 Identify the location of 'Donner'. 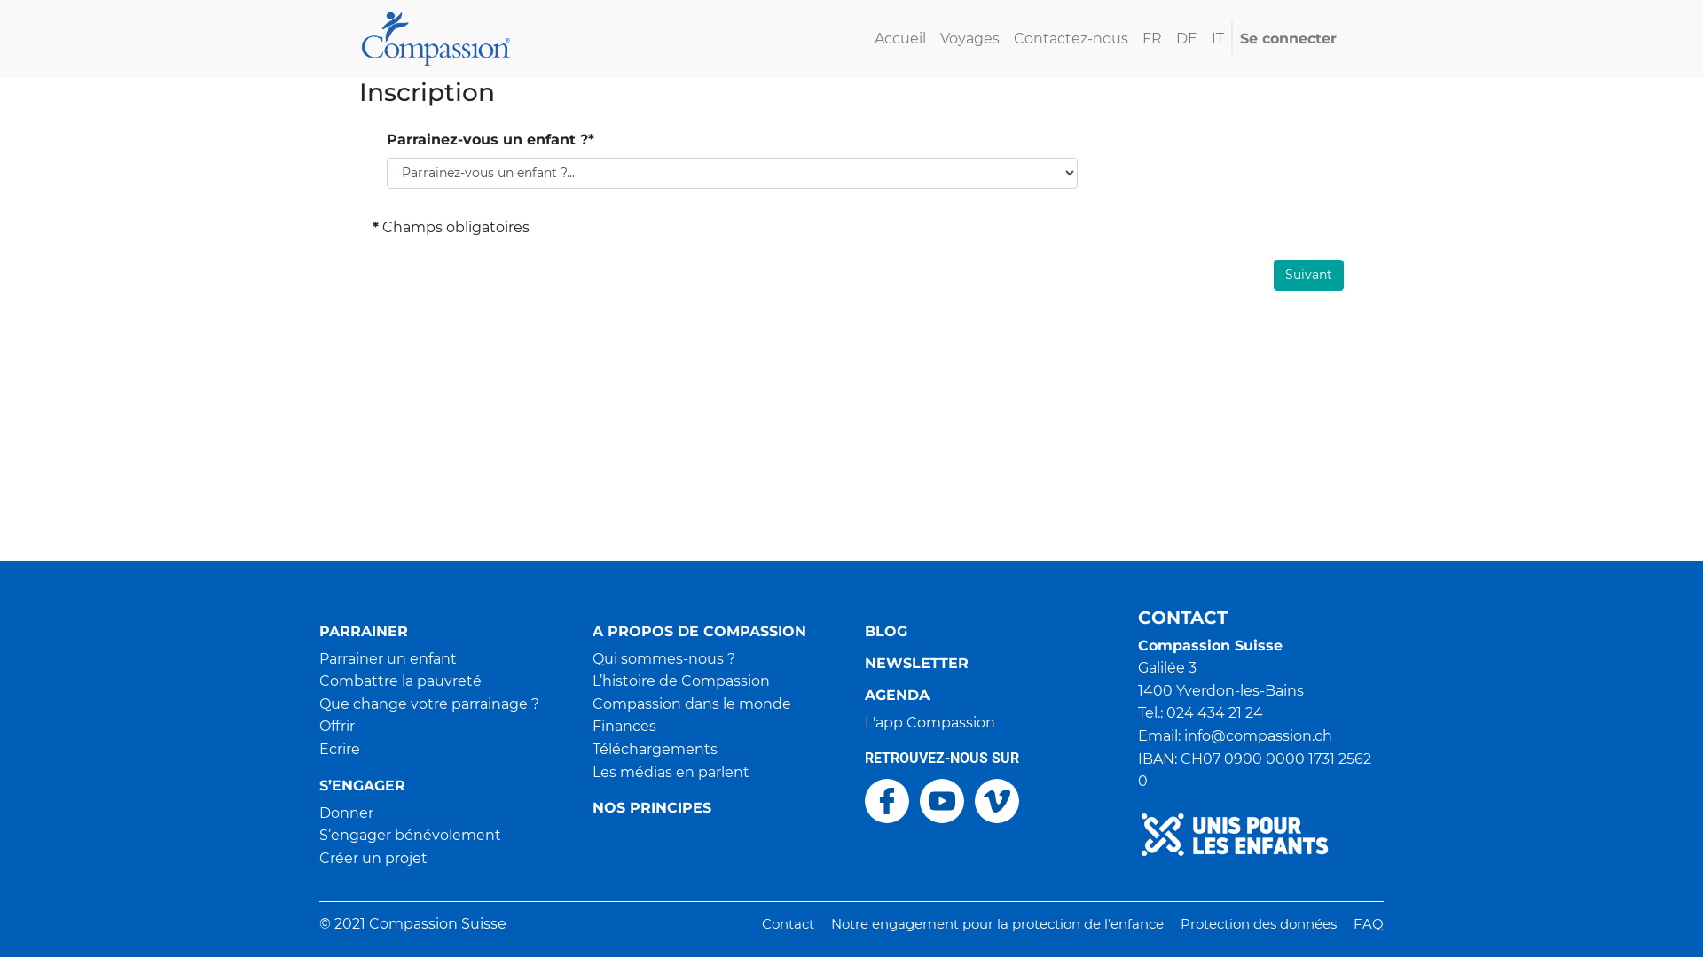
(346, 813).